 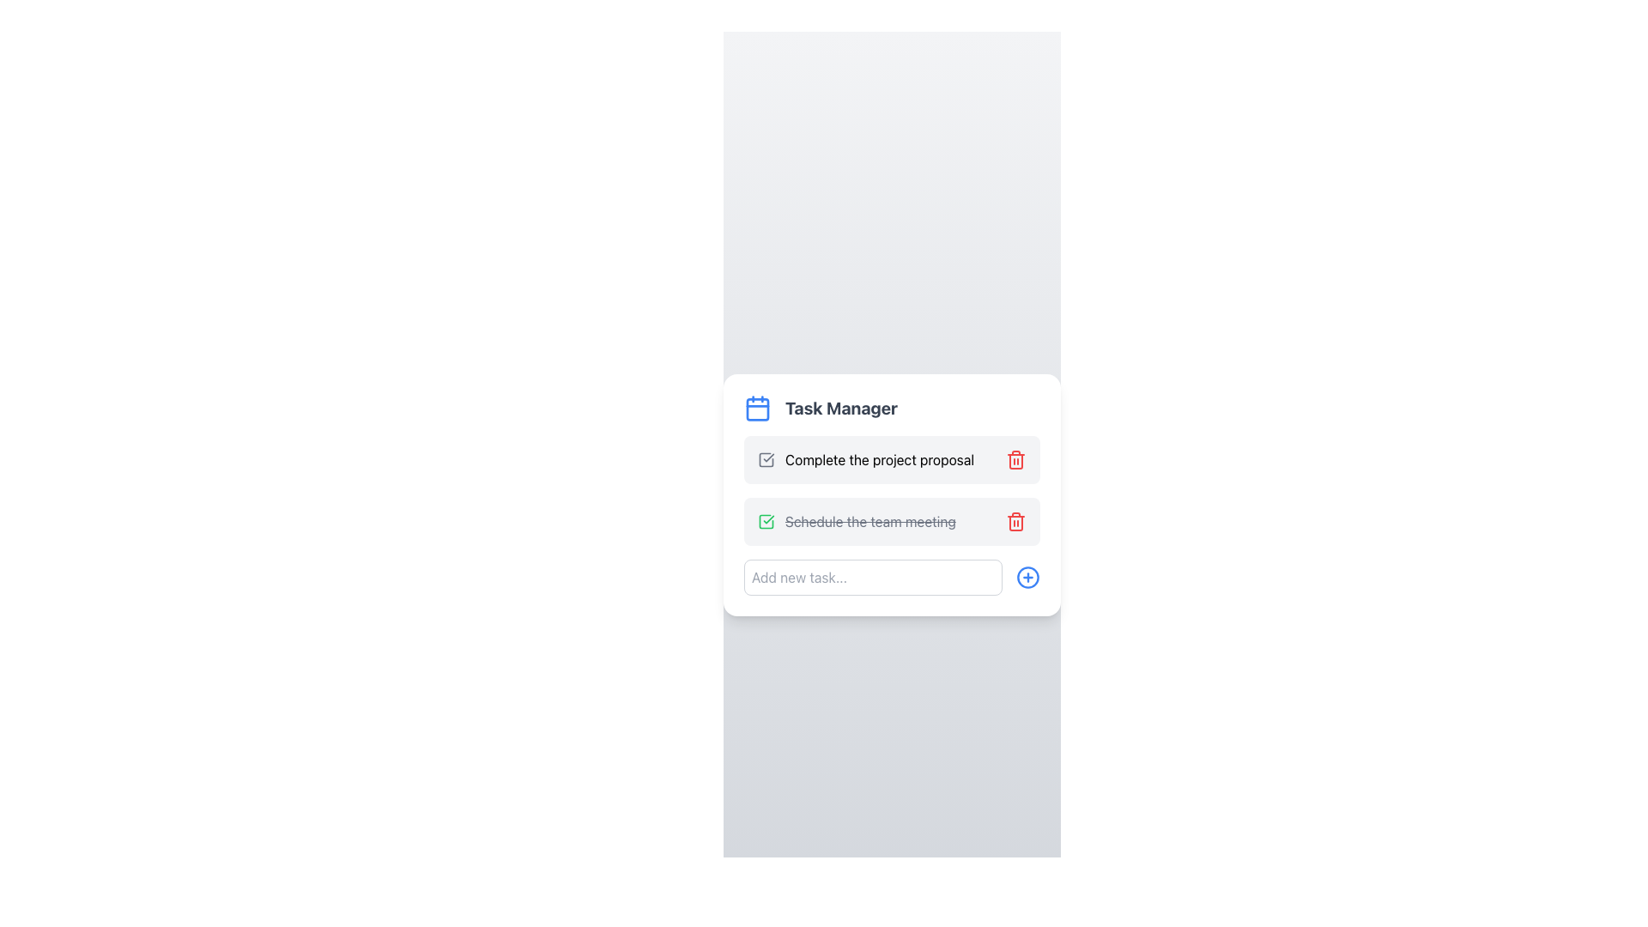 I want to click on the circular blue plus icon located to the far right of the 'Add new task...' input field, so click(x=1028, y=577).